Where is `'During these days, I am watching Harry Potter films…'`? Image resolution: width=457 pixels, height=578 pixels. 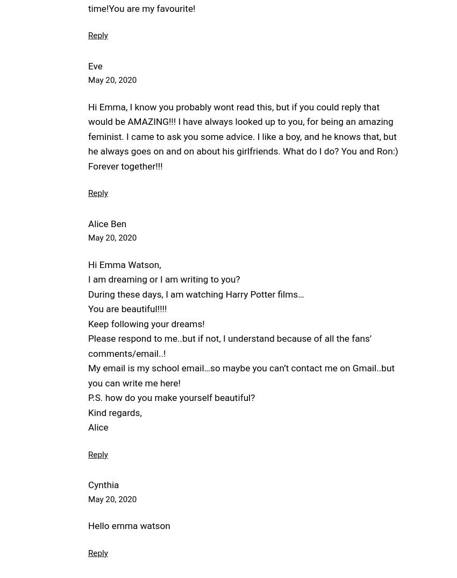
'During these days, I am watching Harry Potter films…' is located at coordinates (195, 293).